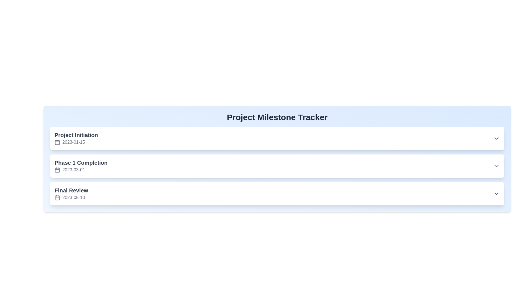  What do you see at coordinates (73, 197) in the screenshot?
I see `date information displayed on the 'Final Review' text label, which indicates the planned date for this milestone in the project timeline` at bounding box center [73, 197].